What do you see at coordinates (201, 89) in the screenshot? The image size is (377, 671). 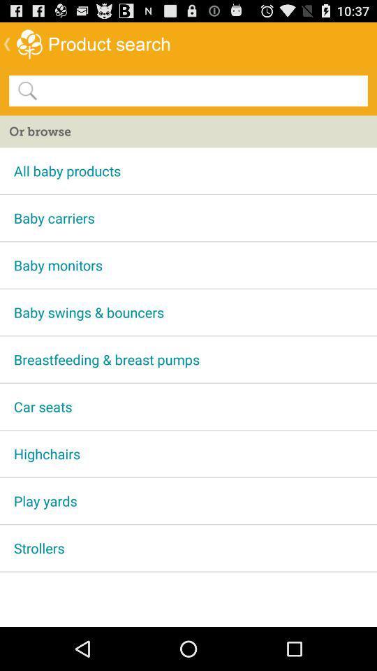 I see `search` at bounding box center [201, 89].